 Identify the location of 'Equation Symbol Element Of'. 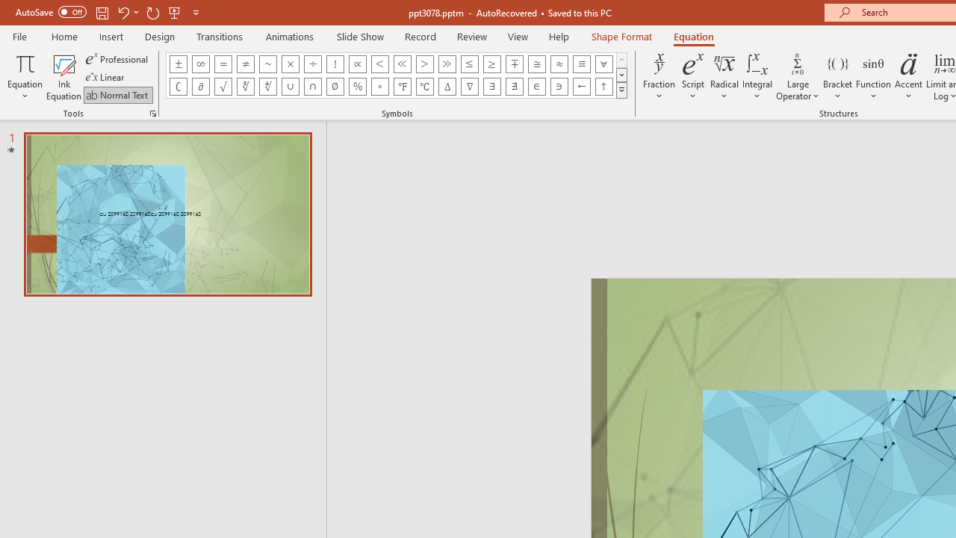
(536, 86).